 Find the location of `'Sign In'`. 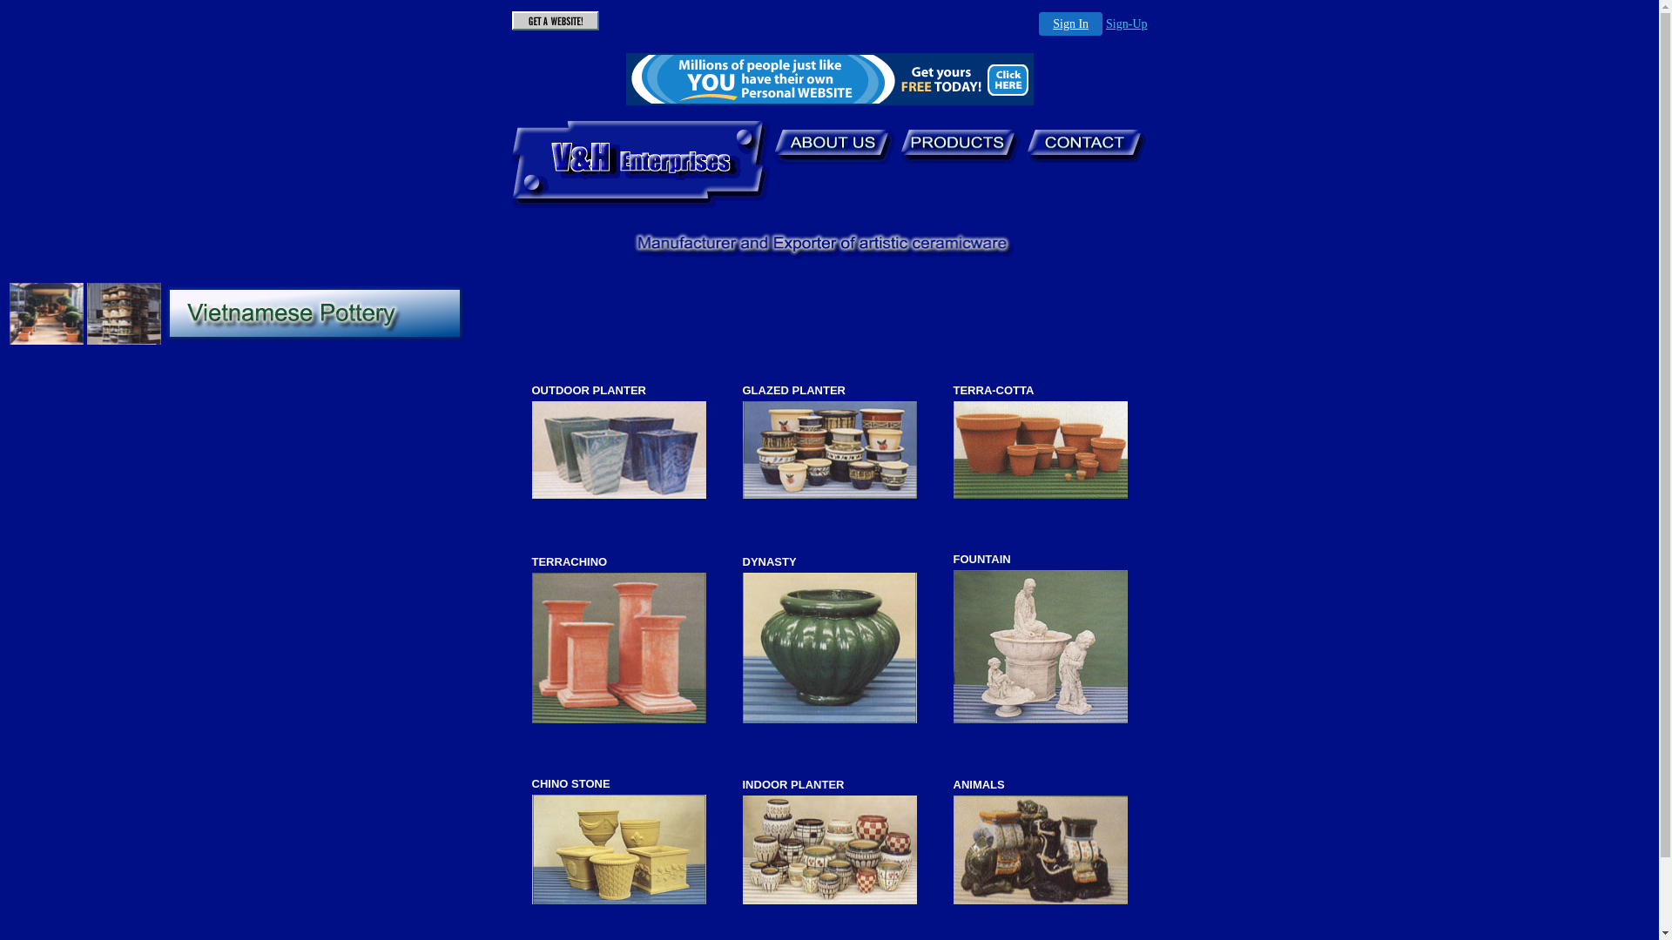

'Sign In' is located at coordinates (1069, 23).